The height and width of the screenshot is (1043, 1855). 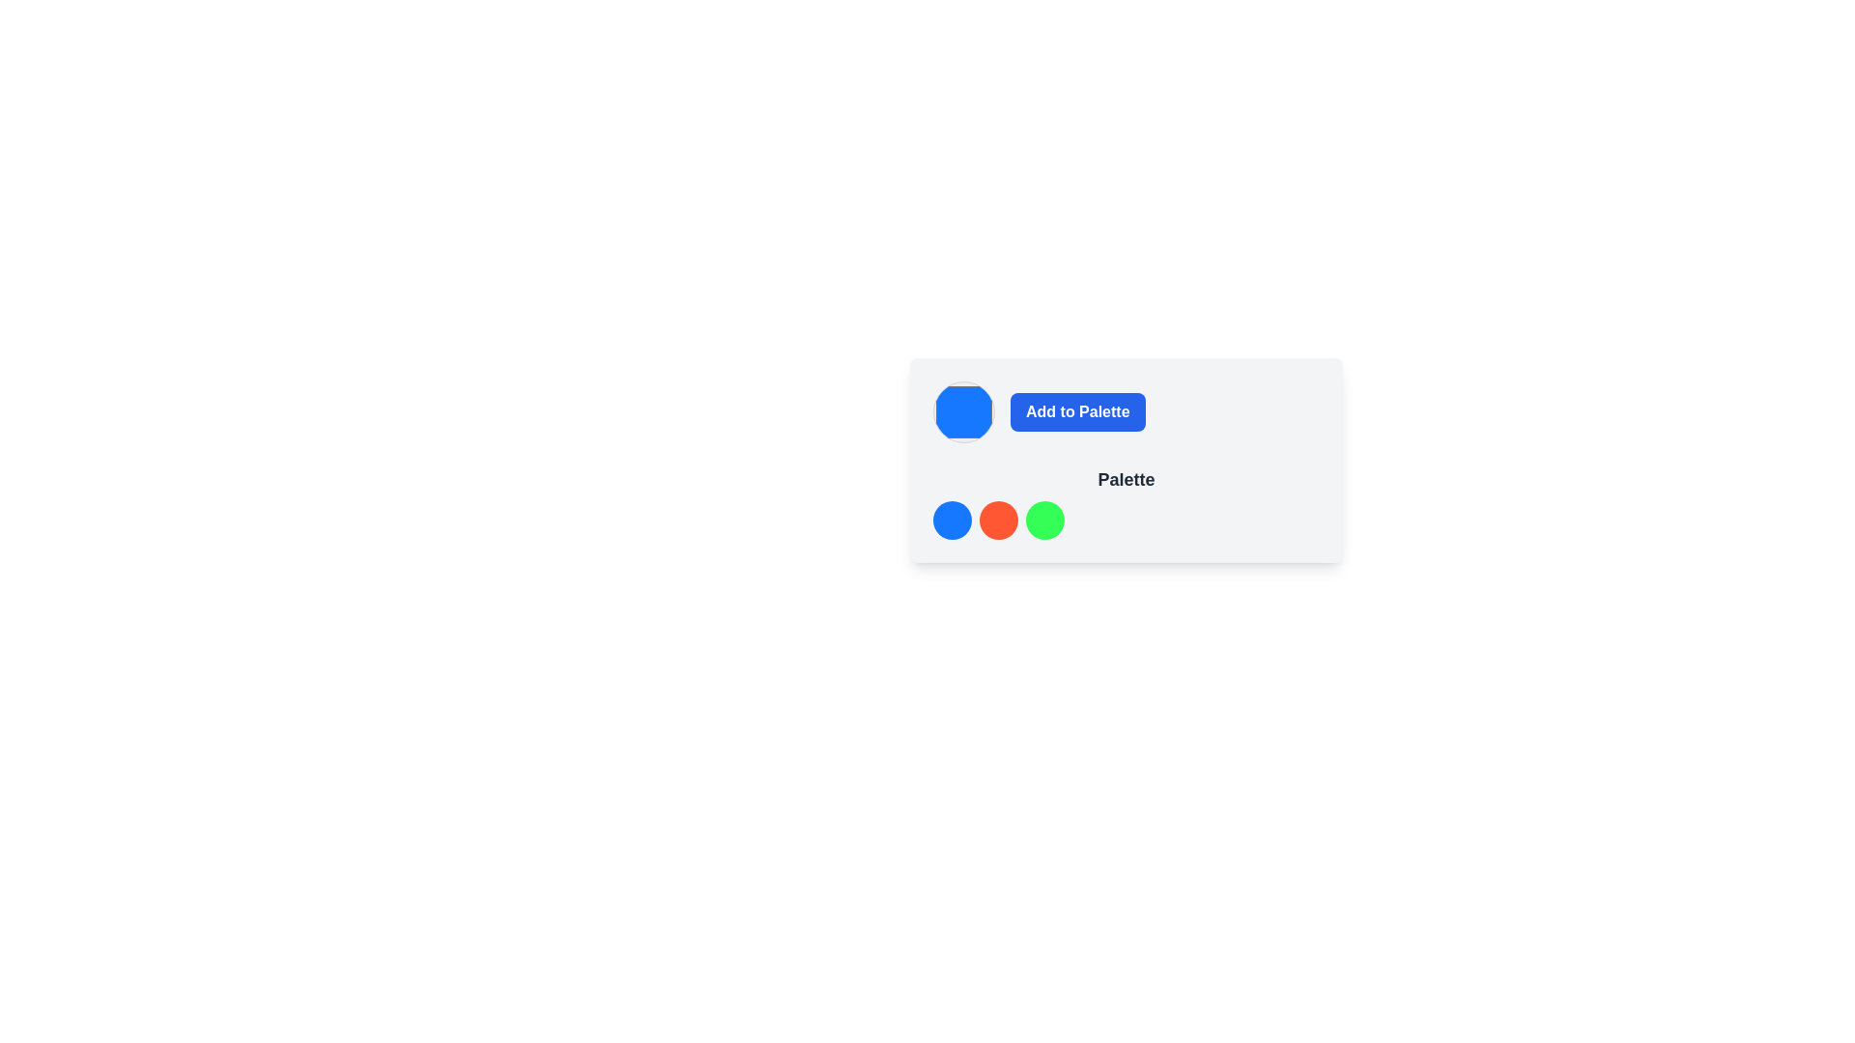 I want to click on the text label that serves as a title or heading, positioned below the 'Add to Palette' button and above the colored circular elements, so click(x=1127, y=479).